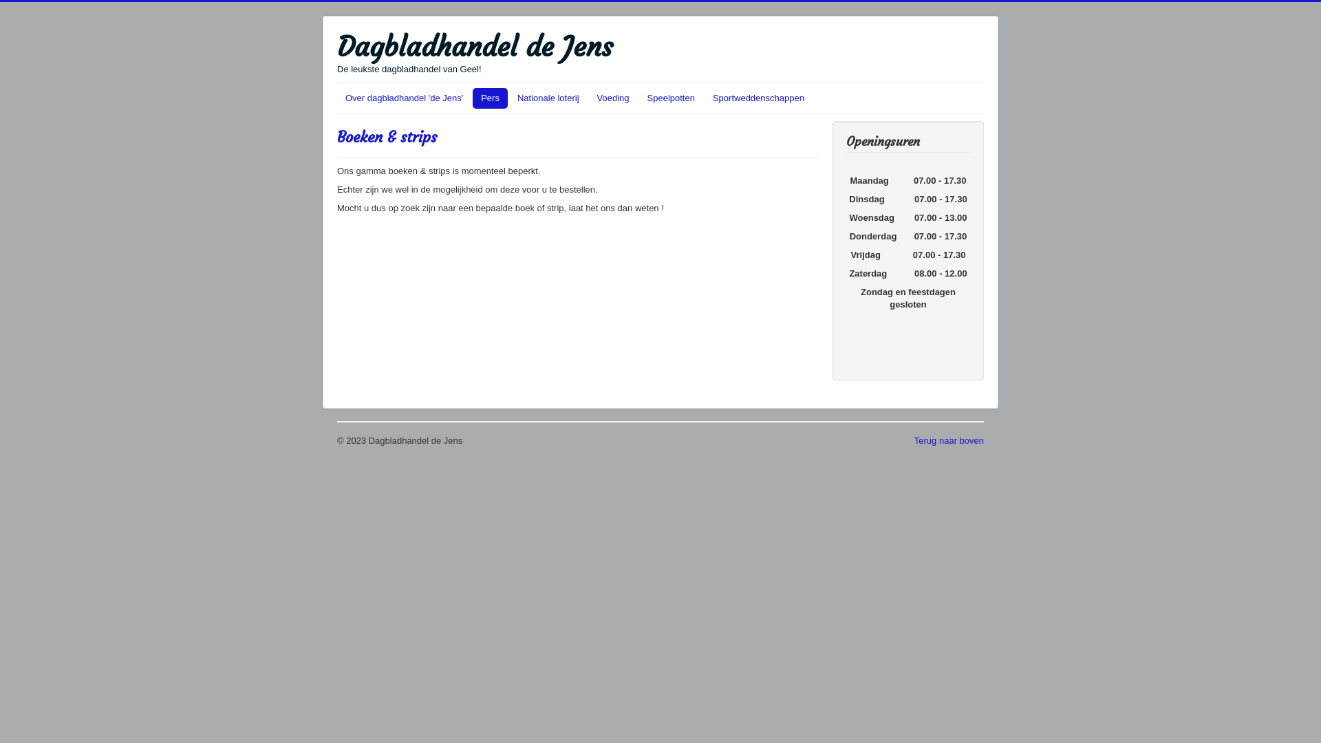 This screenshot has width=1321, height=743. I want to click on 'Nationale loterij', so click(547, 97).